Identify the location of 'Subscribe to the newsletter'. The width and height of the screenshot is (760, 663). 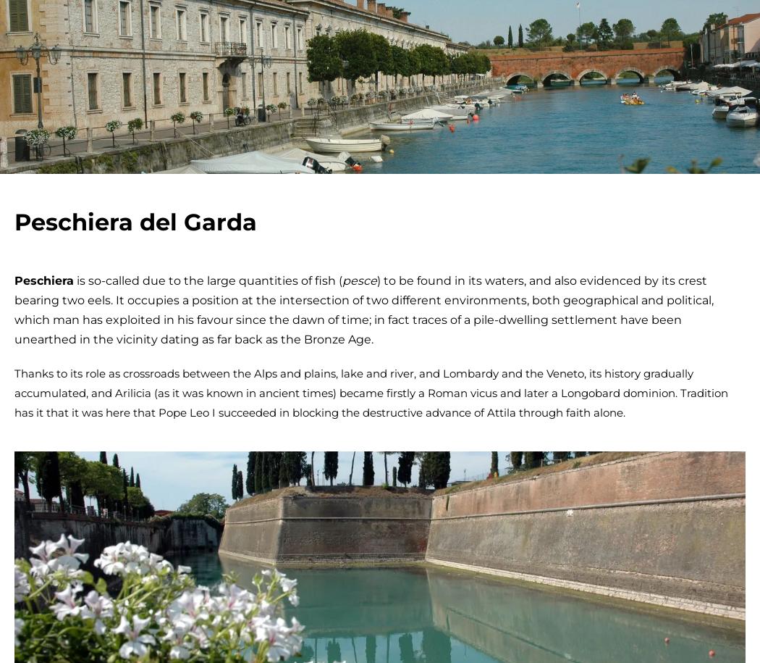
(144, 301).